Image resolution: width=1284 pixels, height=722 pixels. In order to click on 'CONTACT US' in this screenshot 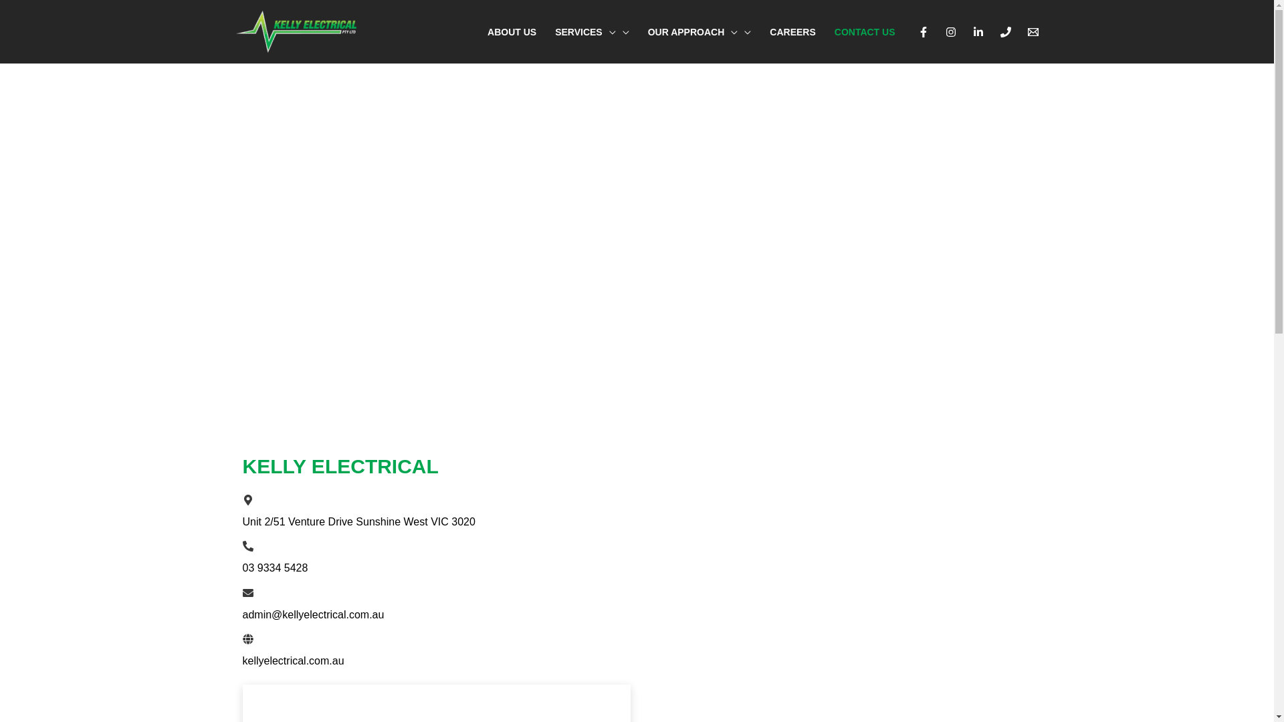, I will do `click(824, 31)`.